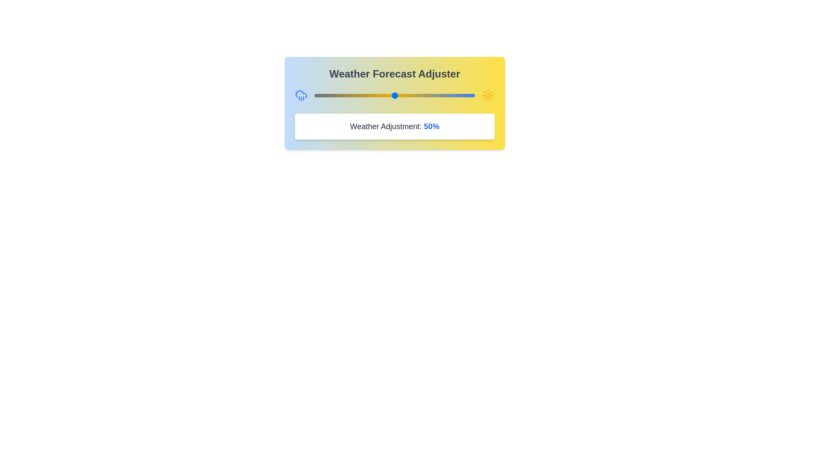 The image size is (826, 465). What do you see at coordinates (427, 96) in the screenshot?
I see `the weather slider to 70%` at bounding box center [427, 96].